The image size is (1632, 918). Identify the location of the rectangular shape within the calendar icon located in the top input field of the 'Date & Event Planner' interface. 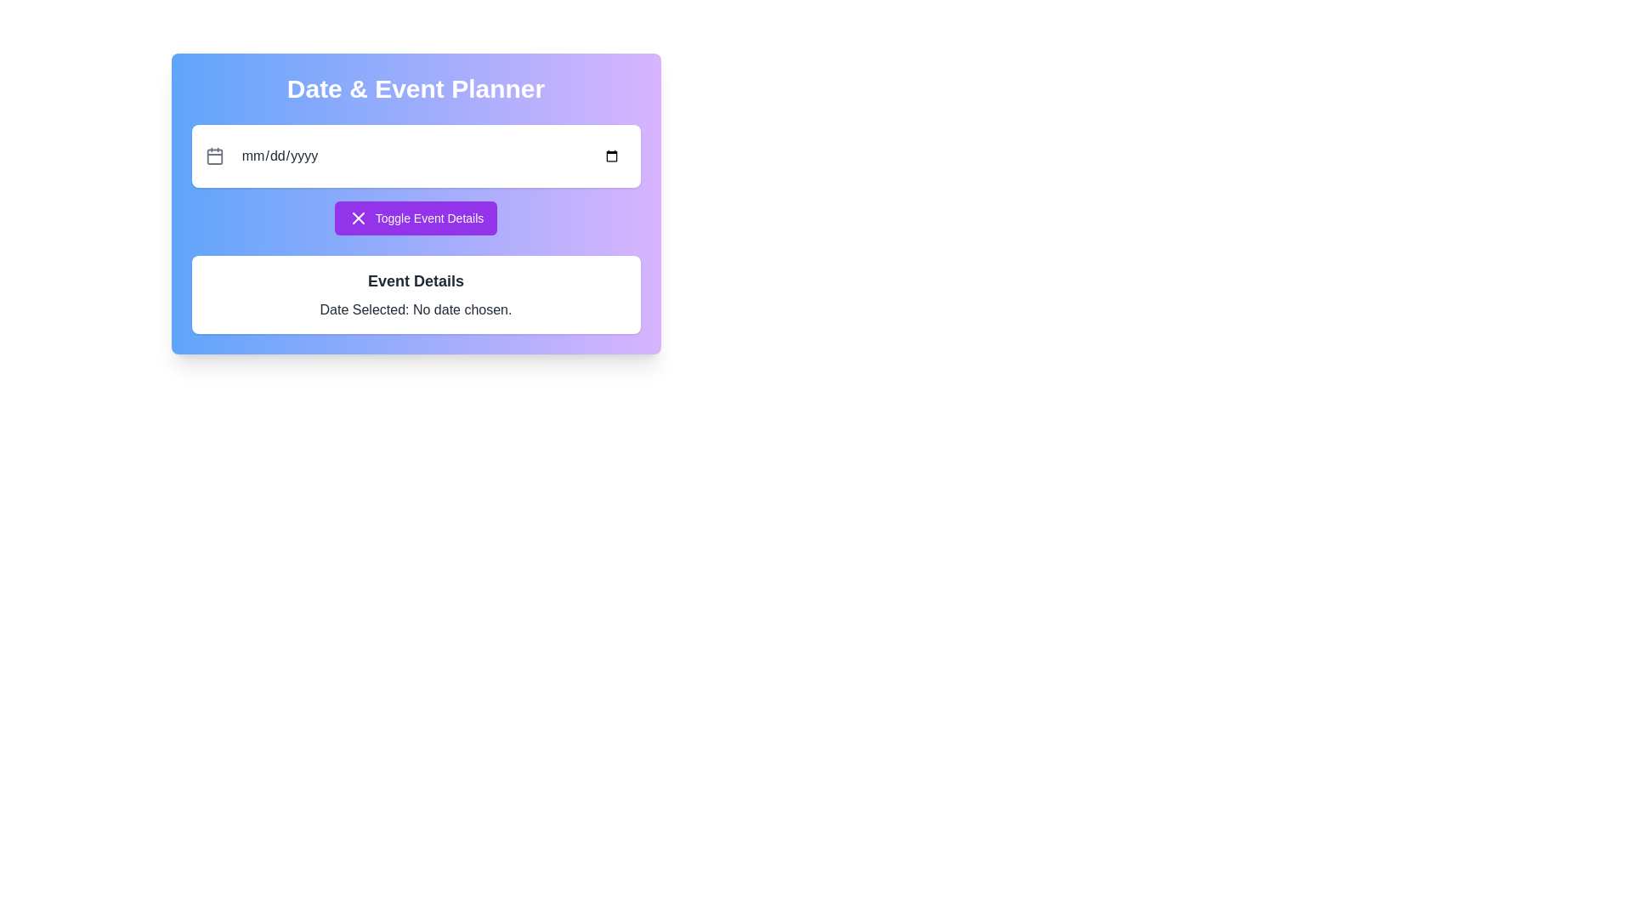
(213, 156).